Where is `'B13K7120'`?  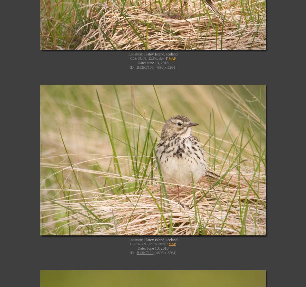
'B13K7120' is located at coordinates (145, 253).